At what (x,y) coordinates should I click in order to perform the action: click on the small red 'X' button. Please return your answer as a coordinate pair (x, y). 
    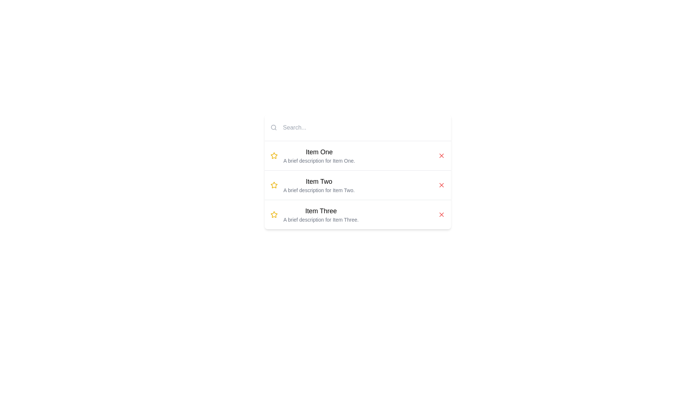
    Looking at the image, I should click on (441, 214).